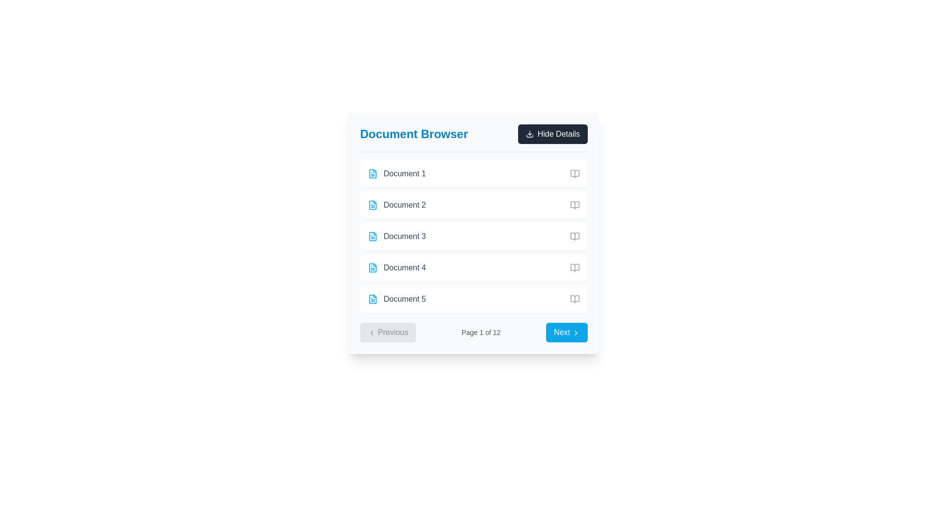 Image resolution: width=942 pixels, height=529 pixels. Describe the element at coordinates (397, 268) in the screenshot. I see `the fourth item in the 'Document Browser' list, which represents 'Document 4'` at that location.